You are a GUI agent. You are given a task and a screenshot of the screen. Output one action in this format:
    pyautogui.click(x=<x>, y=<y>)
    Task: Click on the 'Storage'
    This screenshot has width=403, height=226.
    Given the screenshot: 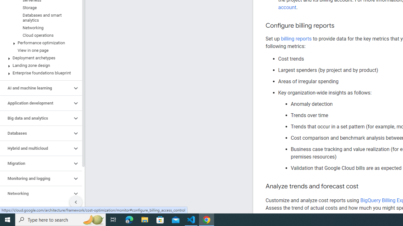 What is the action you would take?
    pyautogui.click(x=39, y=8)
    